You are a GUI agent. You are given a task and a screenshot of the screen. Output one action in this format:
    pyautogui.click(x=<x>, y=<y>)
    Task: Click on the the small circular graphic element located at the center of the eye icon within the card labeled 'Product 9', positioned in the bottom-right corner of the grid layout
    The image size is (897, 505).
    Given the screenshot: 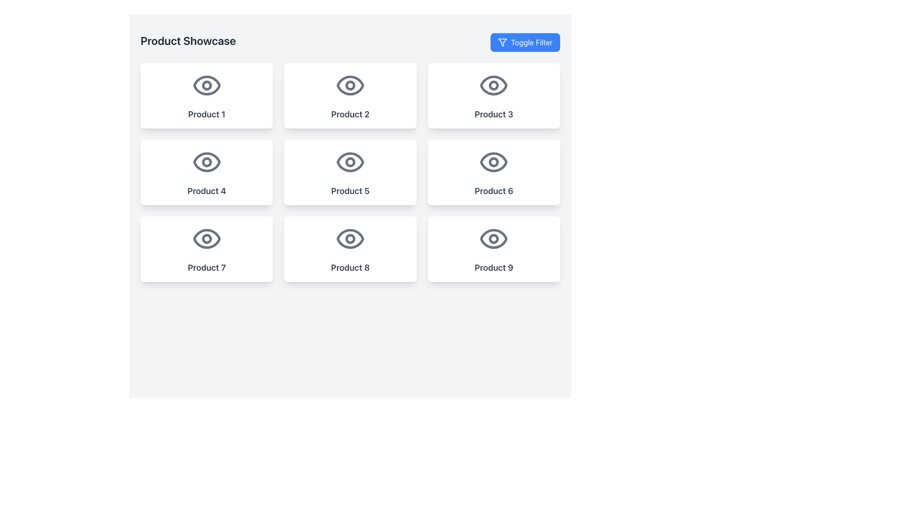 What is the action you would take?
    pyautogui.click(x=493, y=238)
    